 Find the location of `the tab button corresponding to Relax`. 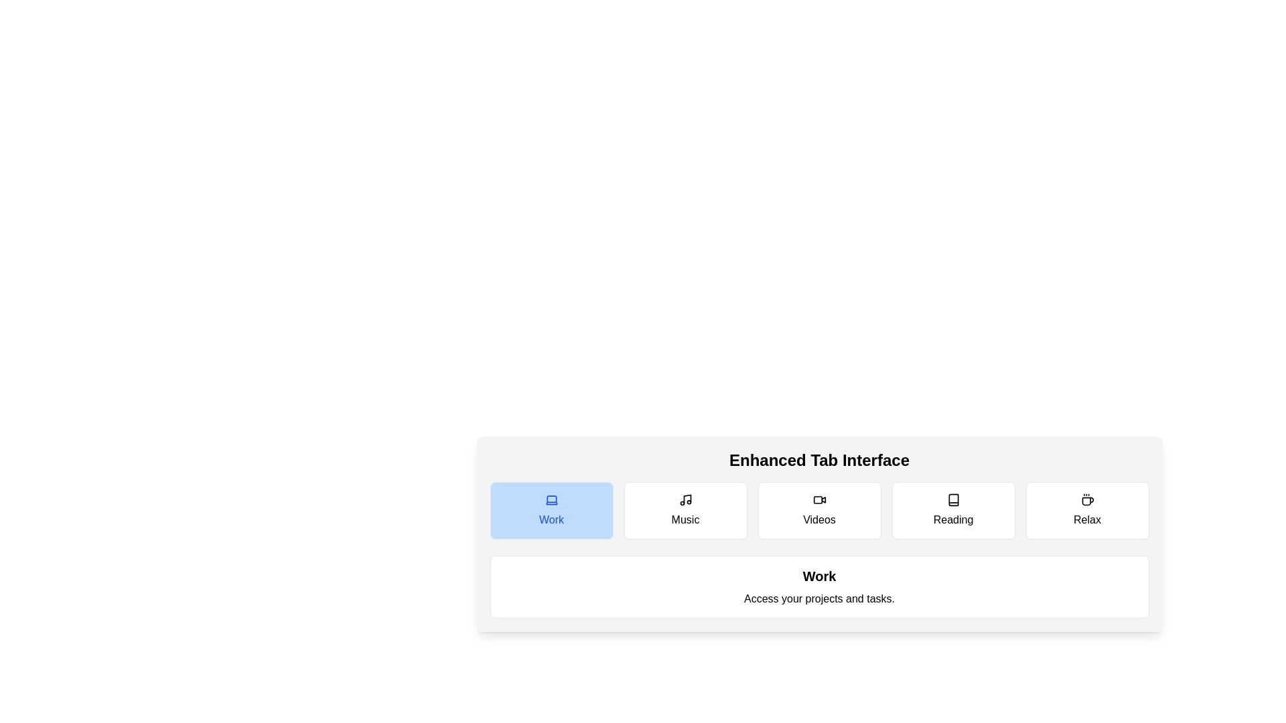

the tab button corresponding to Relax is located at coordinates (1087, 511).